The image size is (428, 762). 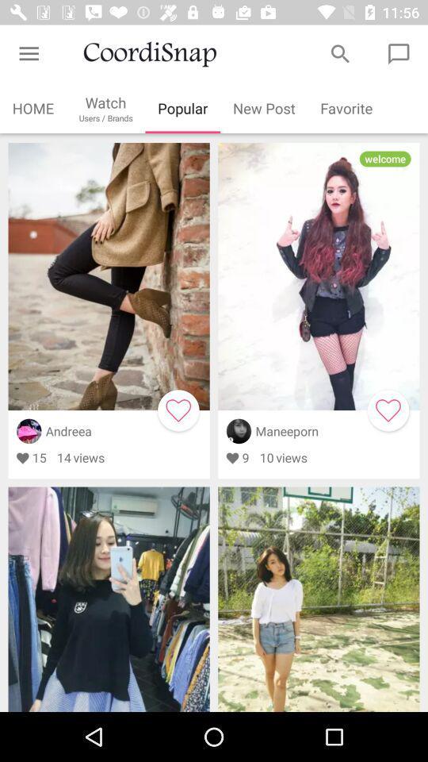 I want to click on like, so click(x=388, y=410).